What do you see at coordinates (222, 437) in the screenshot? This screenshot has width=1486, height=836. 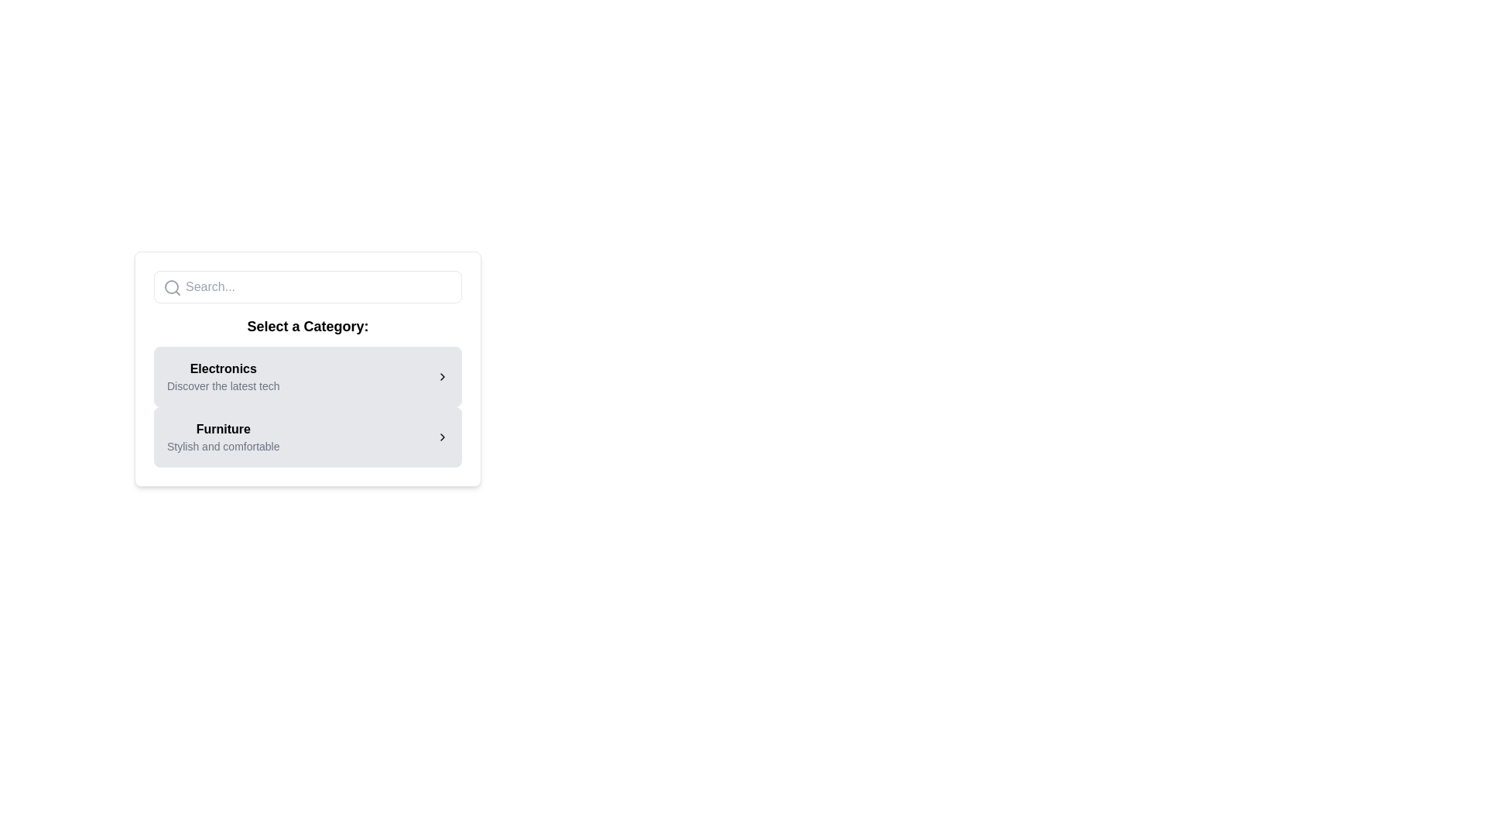 I see `the 'Furniture' category text label, which is the second item in the list below the 'Select a Category:' header and directly below the 'Electronics' card` at bounding box center [222, 437].